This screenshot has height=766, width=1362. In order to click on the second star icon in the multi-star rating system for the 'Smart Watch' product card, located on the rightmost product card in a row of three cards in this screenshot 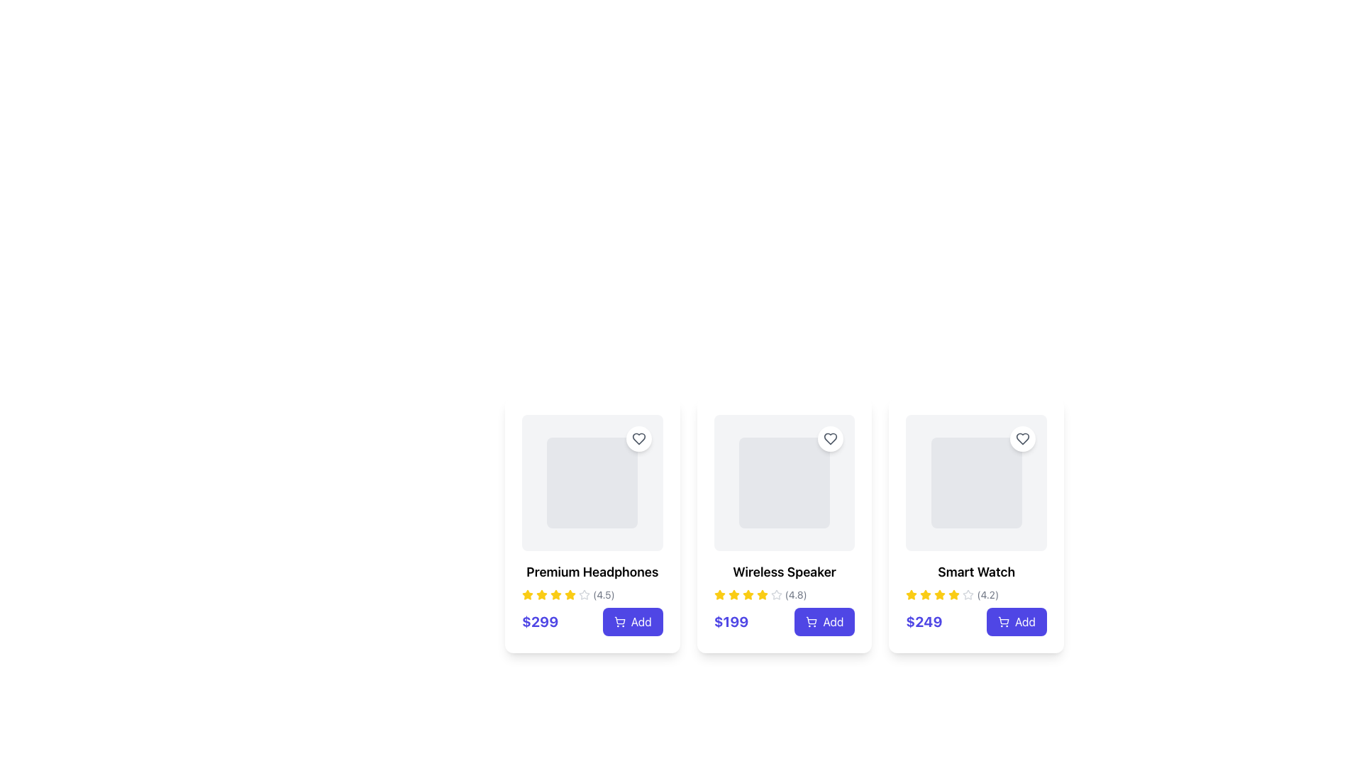, I will do `click(926, 594)`.